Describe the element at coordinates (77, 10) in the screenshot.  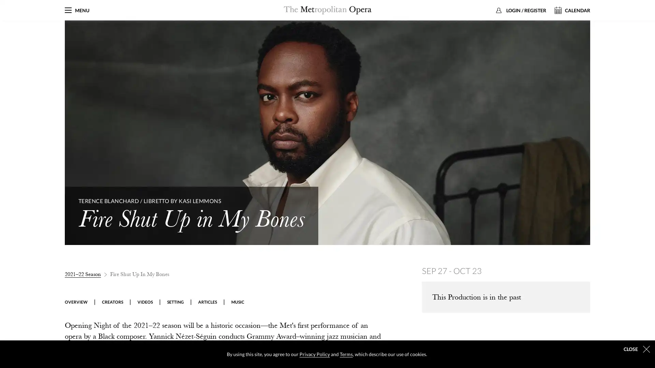
I see `MENU` at that location.